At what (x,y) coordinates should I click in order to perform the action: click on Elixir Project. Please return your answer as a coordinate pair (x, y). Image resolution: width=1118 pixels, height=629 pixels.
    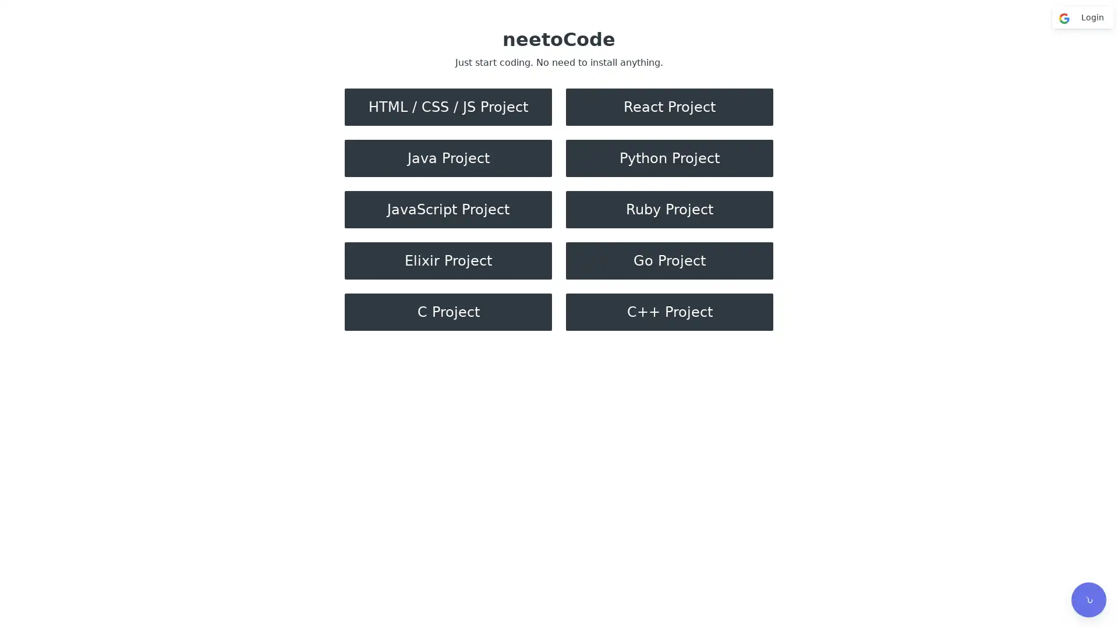
    Looking at the image, I should click on (447, 260).